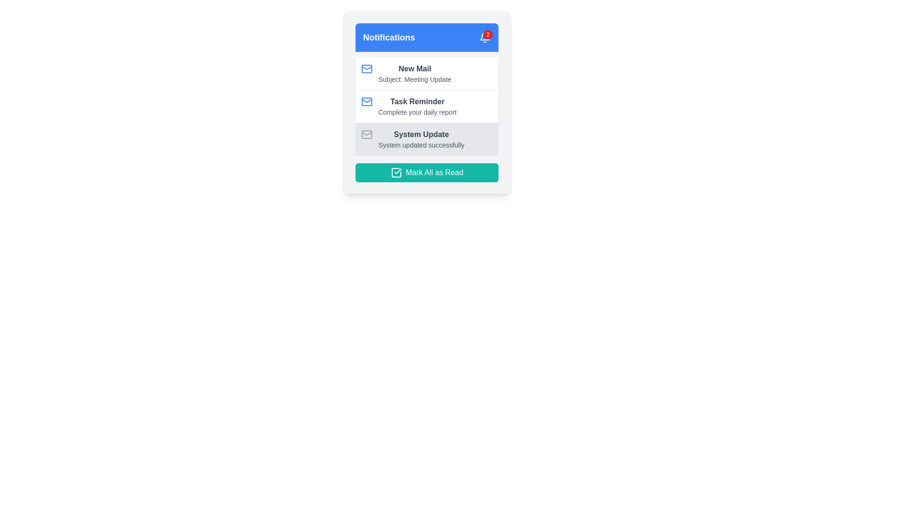  What do you see at coordinates (434, 172) in the screenshot?
I see `the 'Mark All as Read' text label located within the teal-colored button at the bottom of the notification panel` at bounding box center [434, 172].